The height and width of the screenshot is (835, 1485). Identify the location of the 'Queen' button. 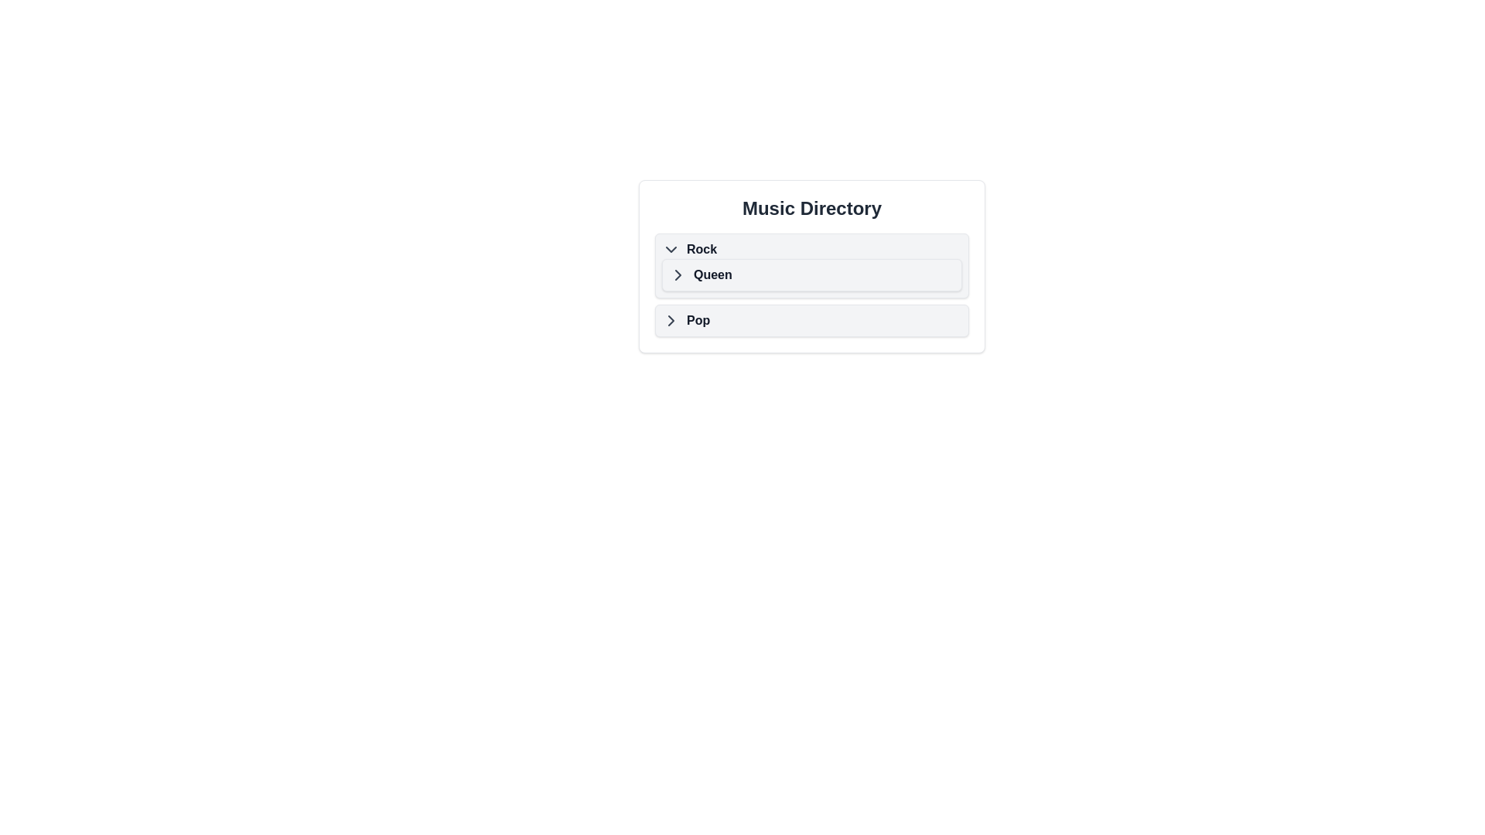
(811, 285).